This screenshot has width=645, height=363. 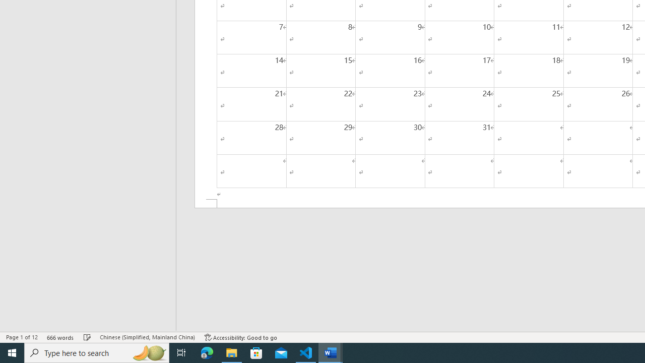 What do you see at coordinates (22, 337) in the screenshot?
I see `'Page Number Page 1 of 12'` at bounding box center [22, 337].